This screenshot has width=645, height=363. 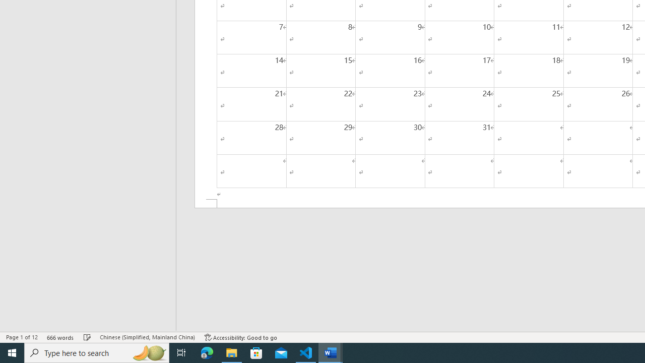 What do you see at coordinates (22, 337) in the screenshot?
I see `'Page Number Page 1 of 12'` at bounding box center [22, 337].